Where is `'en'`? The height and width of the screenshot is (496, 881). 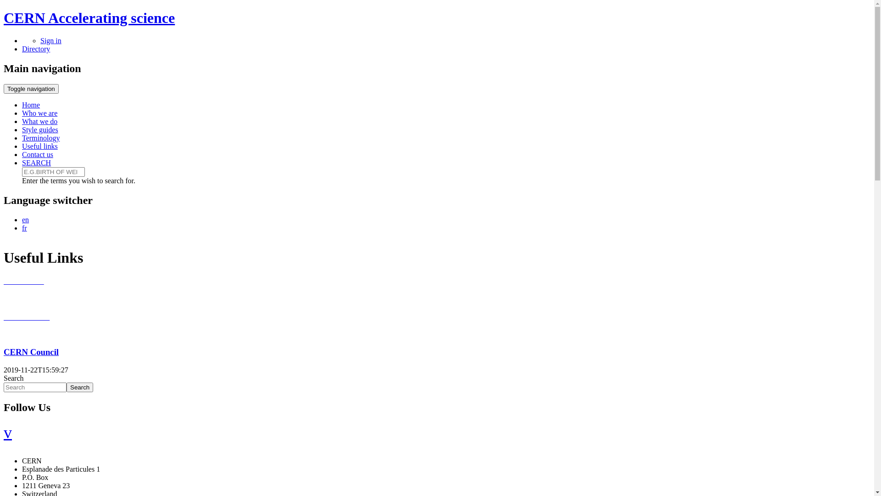
'en' is located at coordinates (25, 220).